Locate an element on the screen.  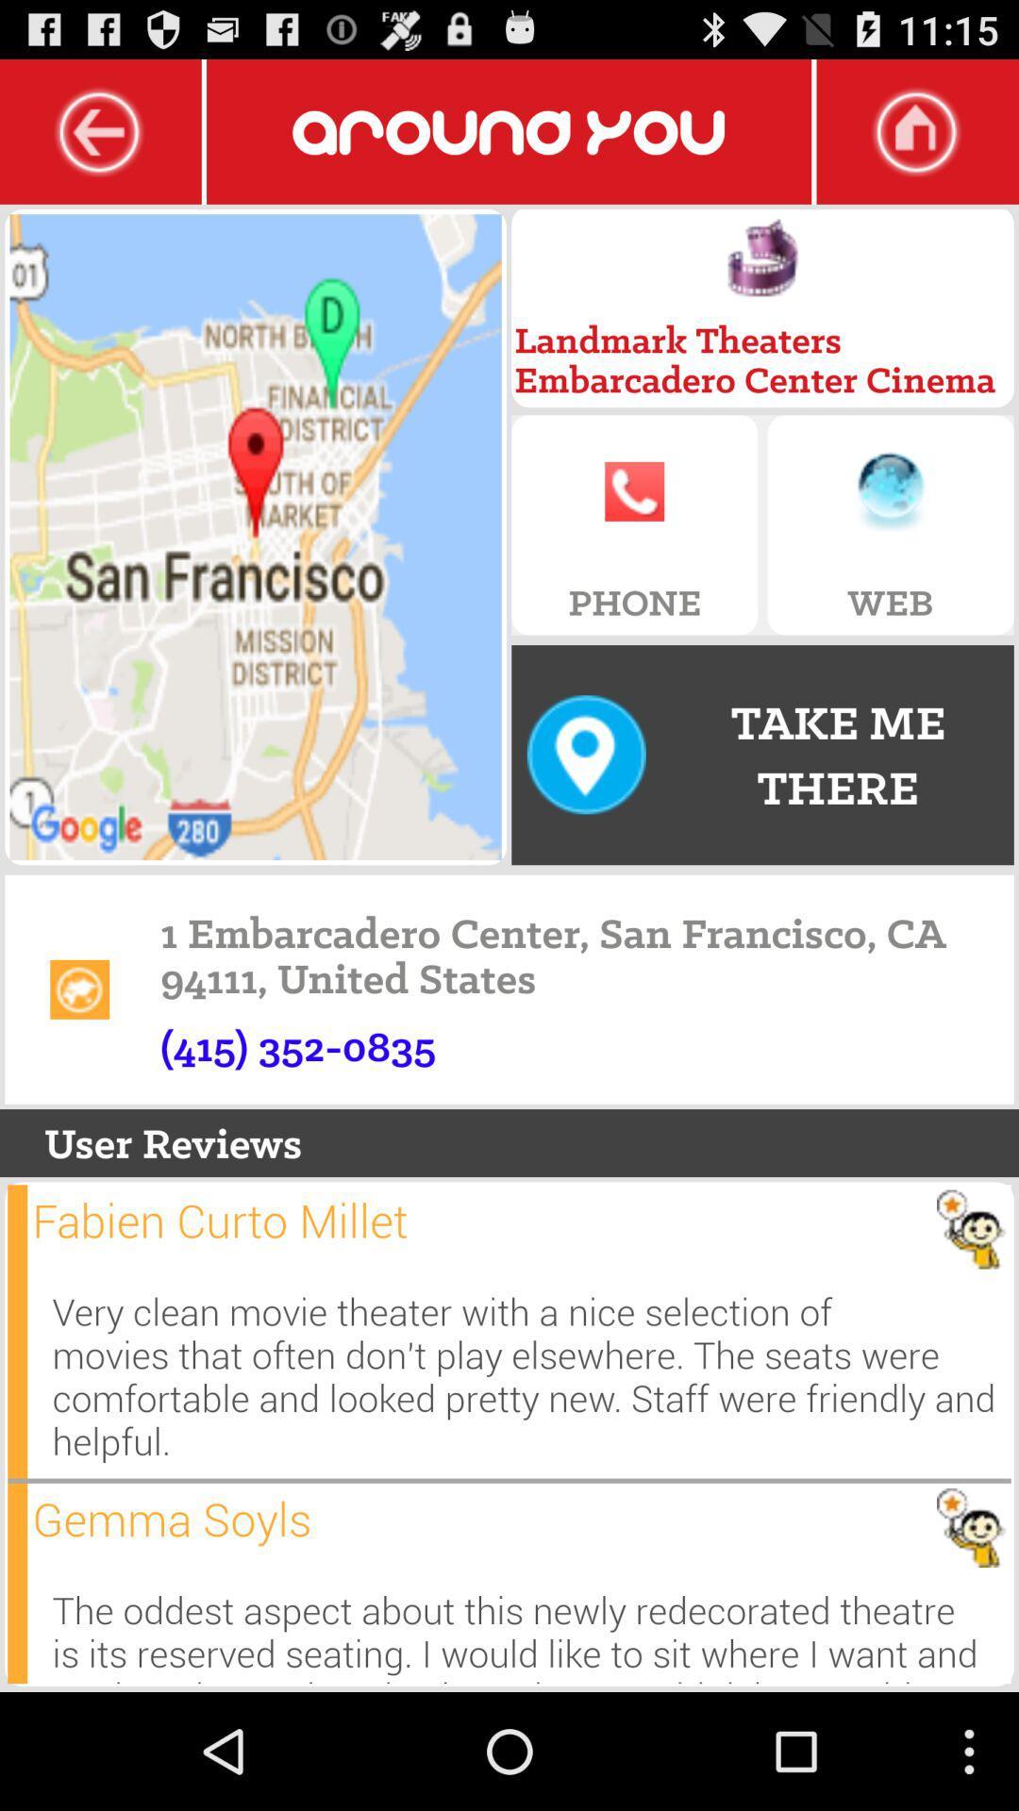
the numbers above user reviews is located at coordinates (297, 1044).